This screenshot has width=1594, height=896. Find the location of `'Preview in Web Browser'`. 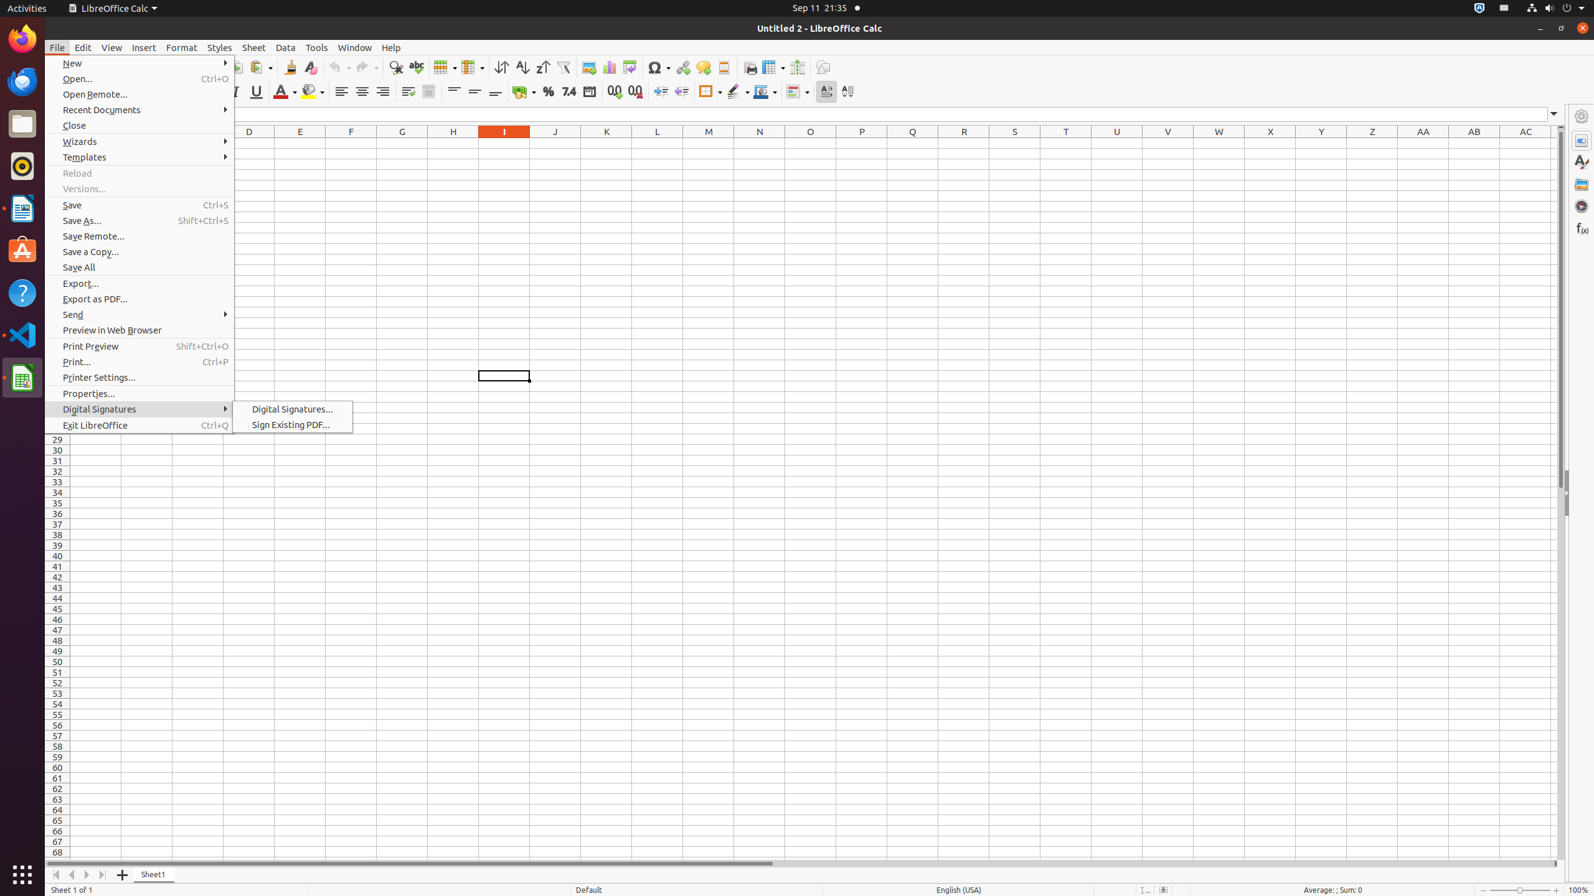

'Preview in Web Browser' is located at coordinates (139, 329).